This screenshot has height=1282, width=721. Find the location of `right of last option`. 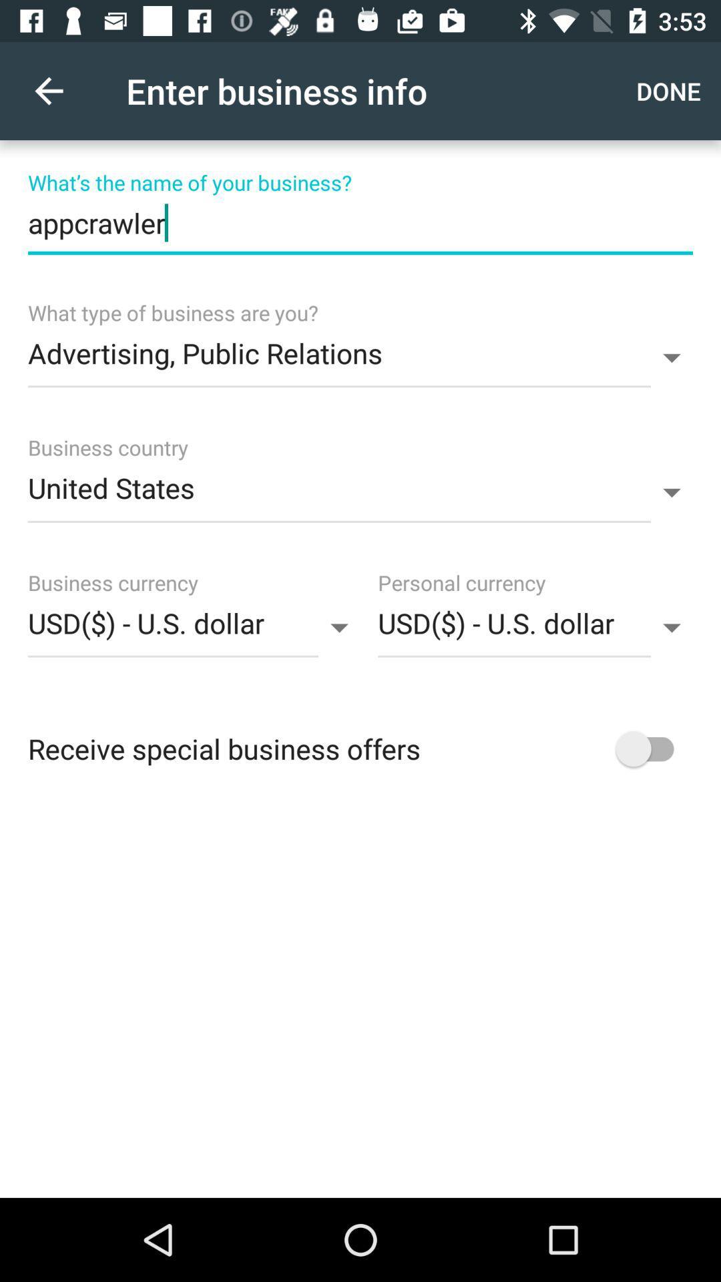

right of last option is located at coordinates (650, 749).